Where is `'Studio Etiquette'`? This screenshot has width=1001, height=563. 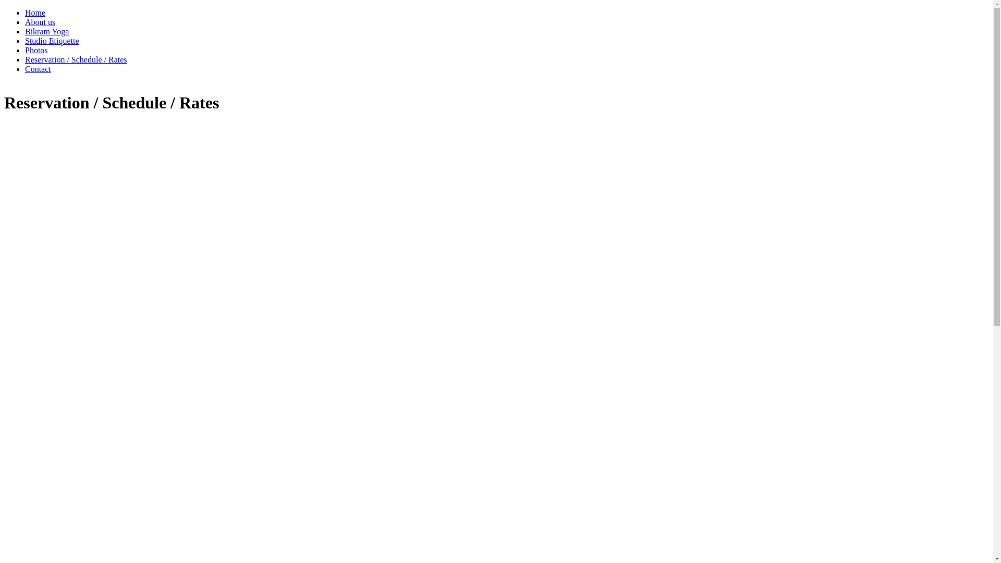 'Studio Etiquette' is located at coordinates (25, 40).